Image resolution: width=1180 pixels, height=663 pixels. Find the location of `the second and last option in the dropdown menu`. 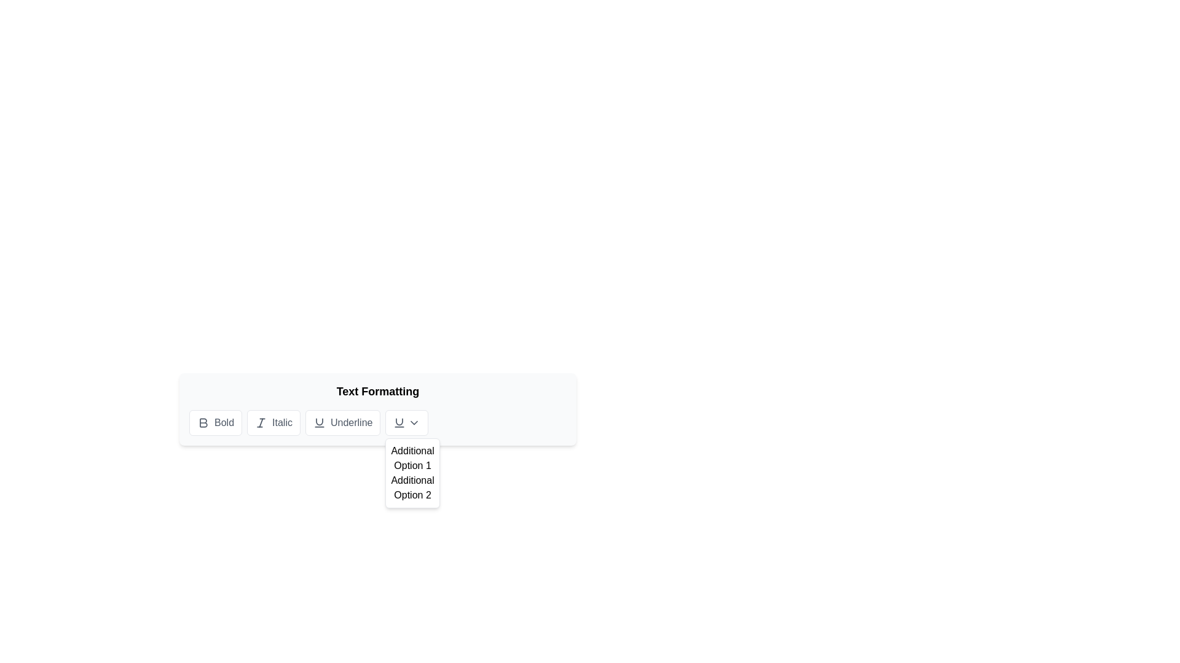

the second and last option in the dropdown menu is located at coordinates (412, 487).